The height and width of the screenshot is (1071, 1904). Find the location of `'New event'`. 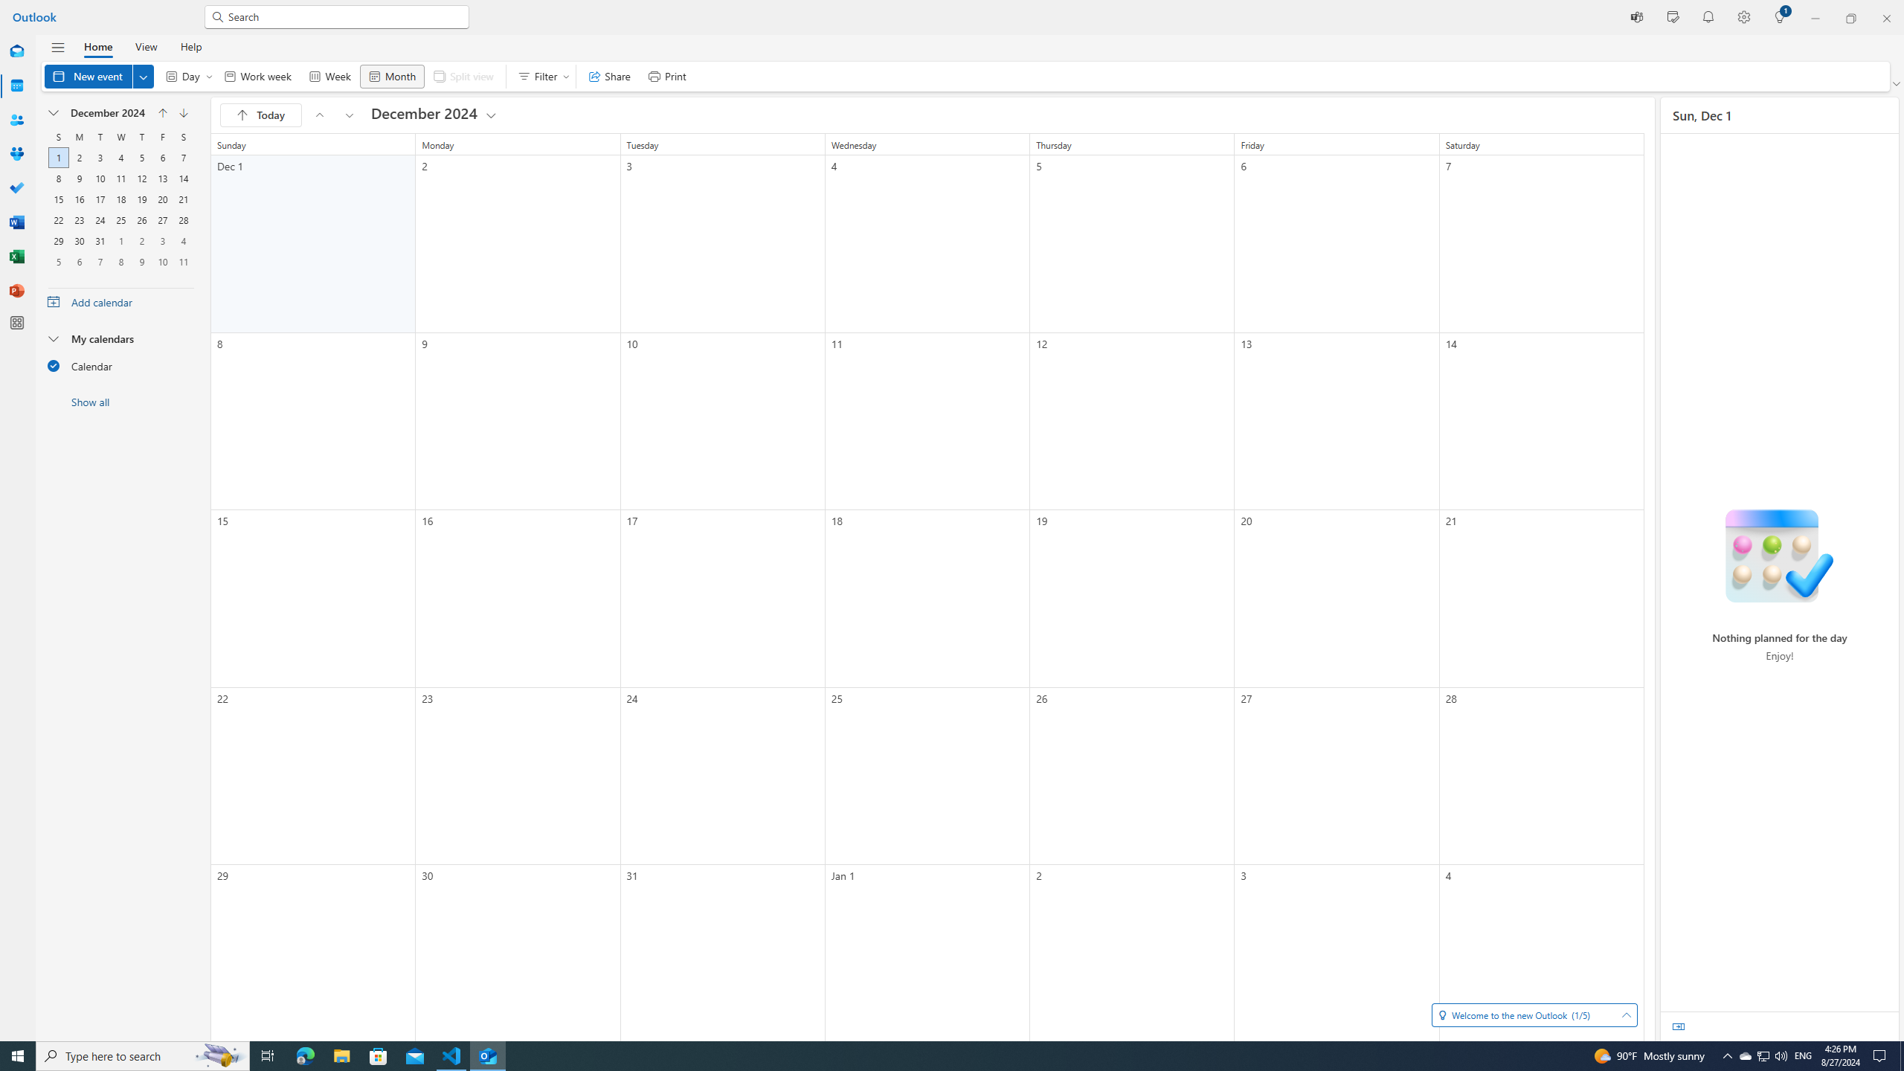

'New event' is located at coordinates (99, 76).